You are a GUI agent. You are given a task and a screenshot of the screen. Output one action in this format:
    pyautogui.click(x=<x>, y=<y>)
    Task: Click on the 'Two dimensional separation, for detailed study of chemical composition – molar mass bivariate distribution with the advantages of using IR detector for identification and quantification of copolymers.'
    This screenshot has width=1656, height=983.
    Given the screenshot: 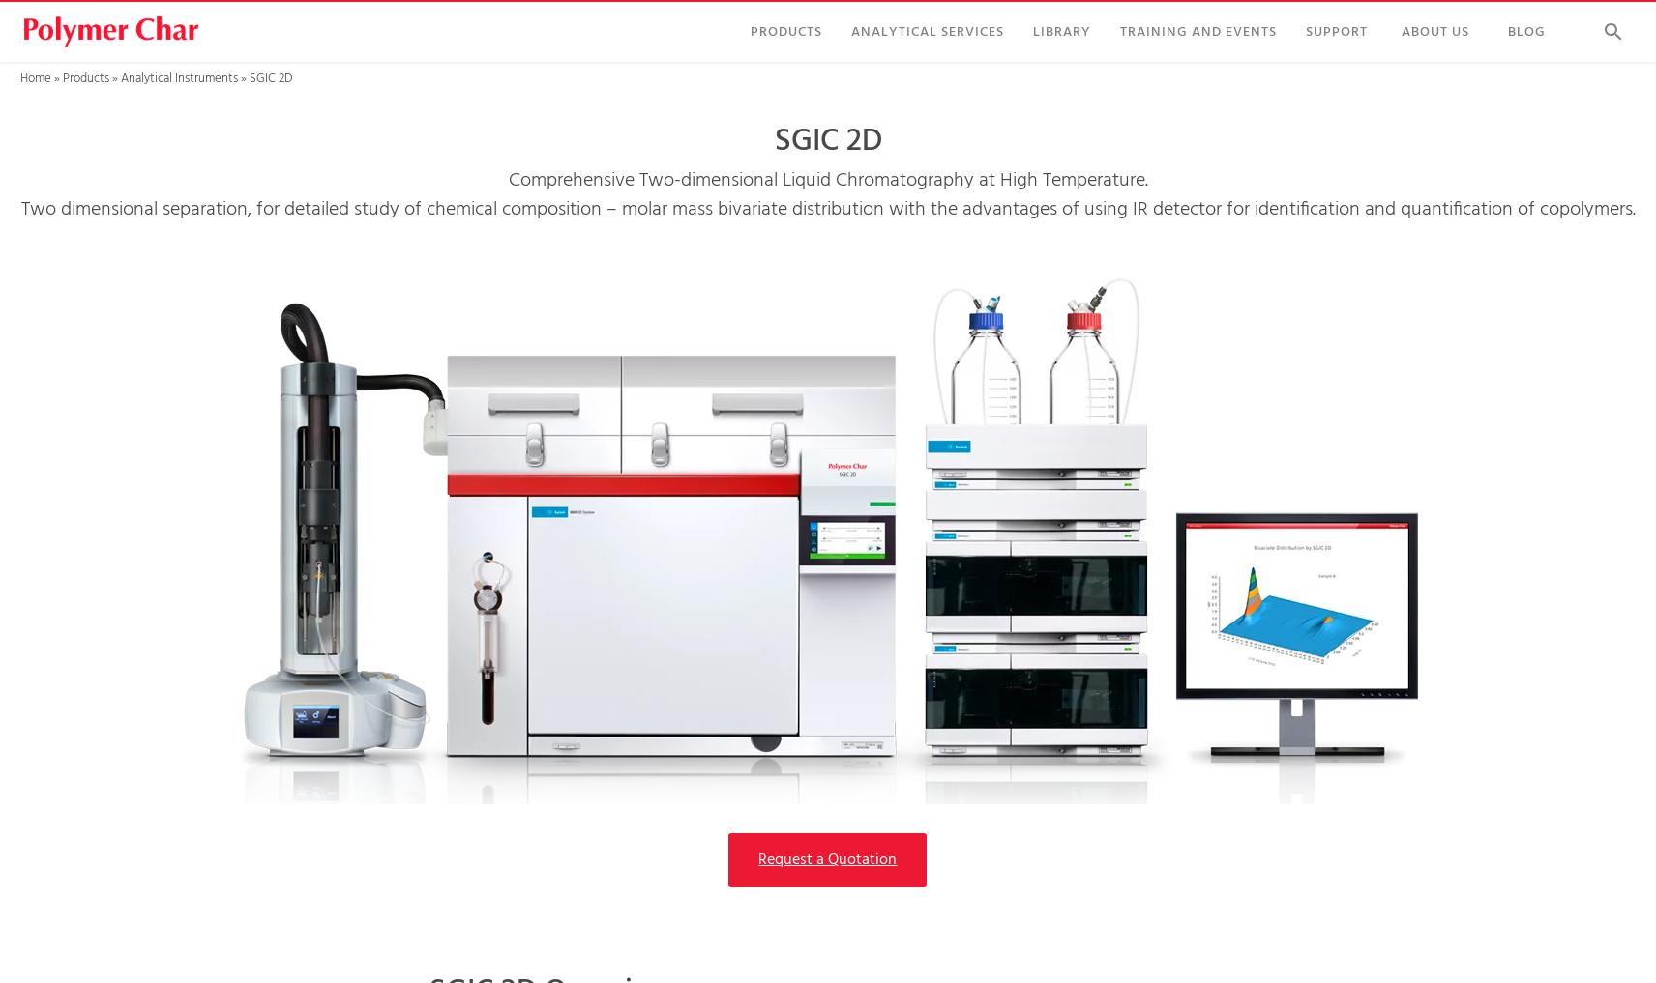 What is the action you would take?
    pyautogui.click(x=827, y=209)
    